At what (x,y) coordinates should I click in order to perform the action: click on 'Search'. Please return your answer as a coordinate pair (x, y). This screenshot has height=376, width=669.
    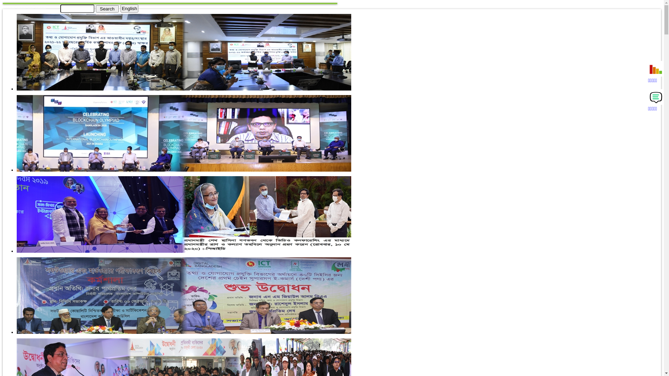
    Looking at the image, I should click on (107, 8).